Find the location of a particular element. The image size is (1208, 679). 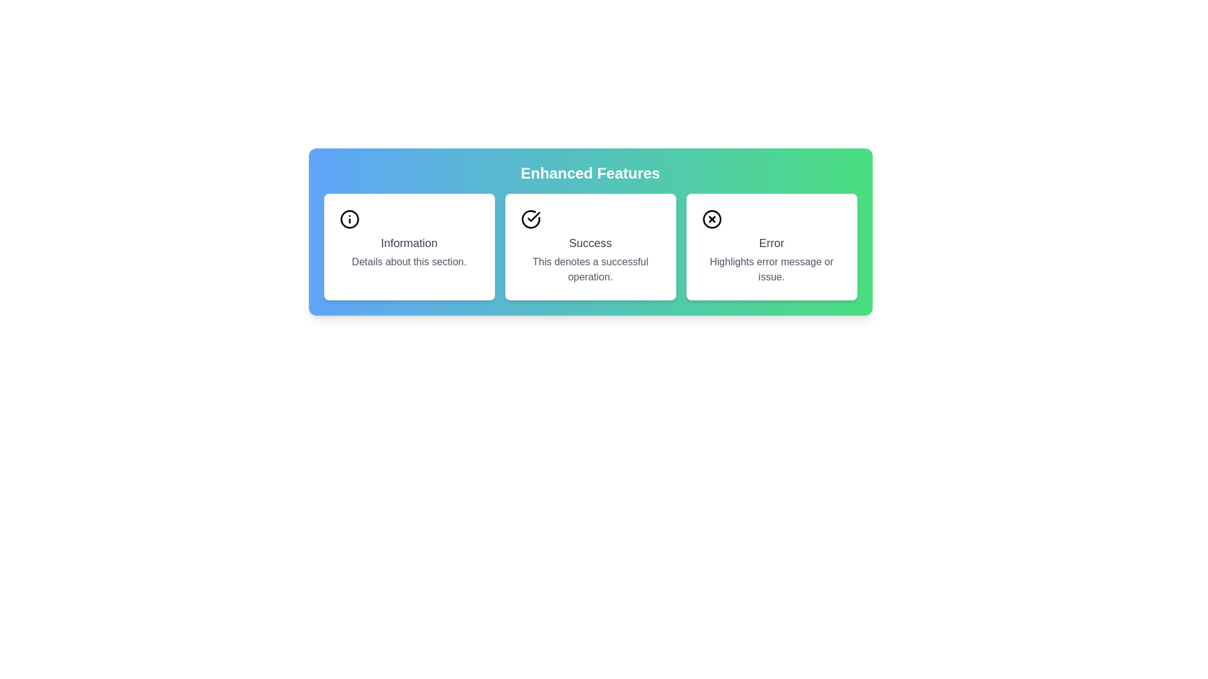

the text component containing the message 'Highlights error message or issue.' which is styled with a gray font and positioned below the 'Error' title in the third card of a horizontal row is located at coordinates (771, 268).